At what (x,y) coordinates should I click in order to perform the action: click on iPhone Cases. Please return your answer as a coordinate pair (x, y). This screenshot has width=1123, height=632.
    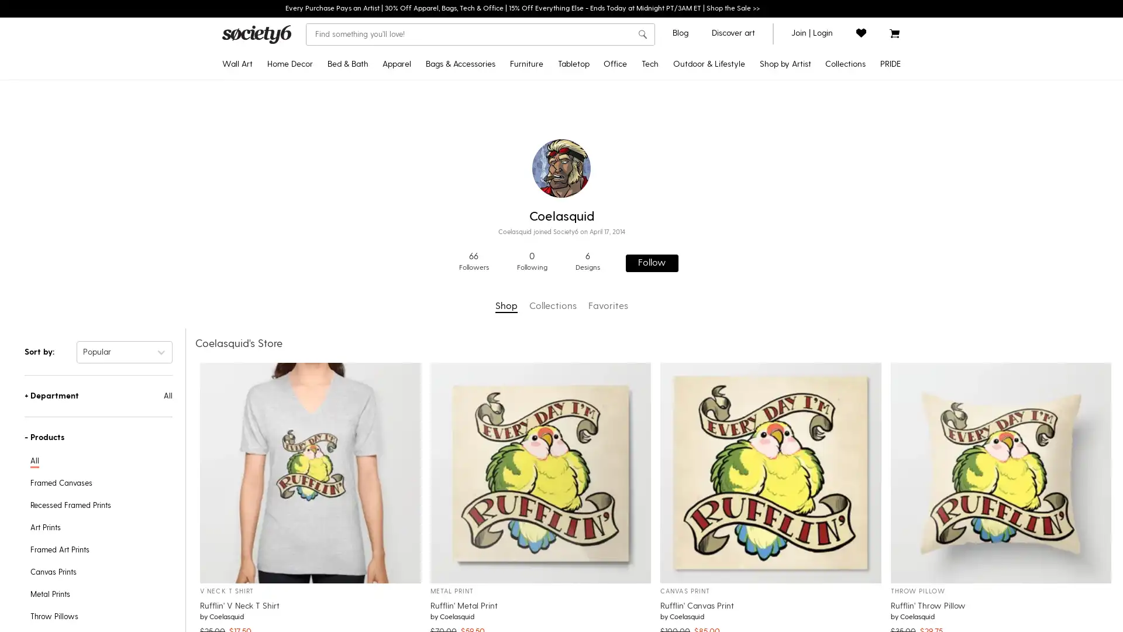
    Looking at the image, I should click on (691, 94).